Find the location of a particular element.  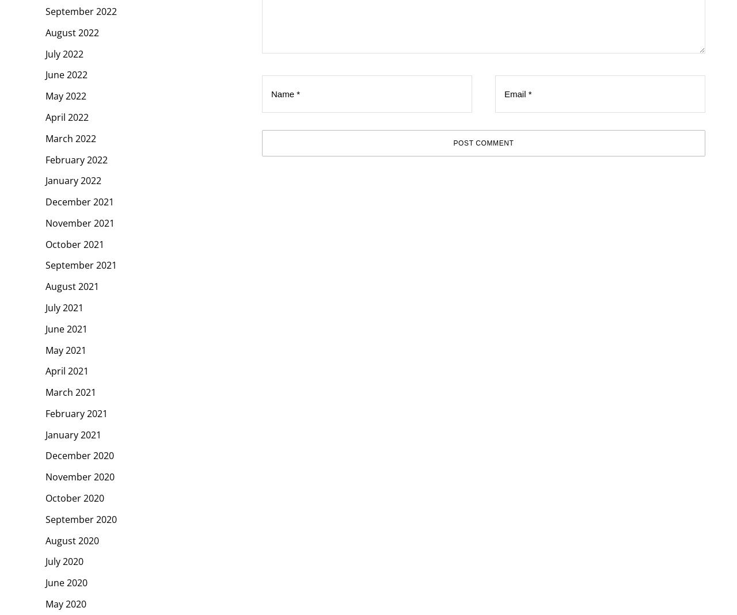

'February 2022' is located at coordinates (75, 158).